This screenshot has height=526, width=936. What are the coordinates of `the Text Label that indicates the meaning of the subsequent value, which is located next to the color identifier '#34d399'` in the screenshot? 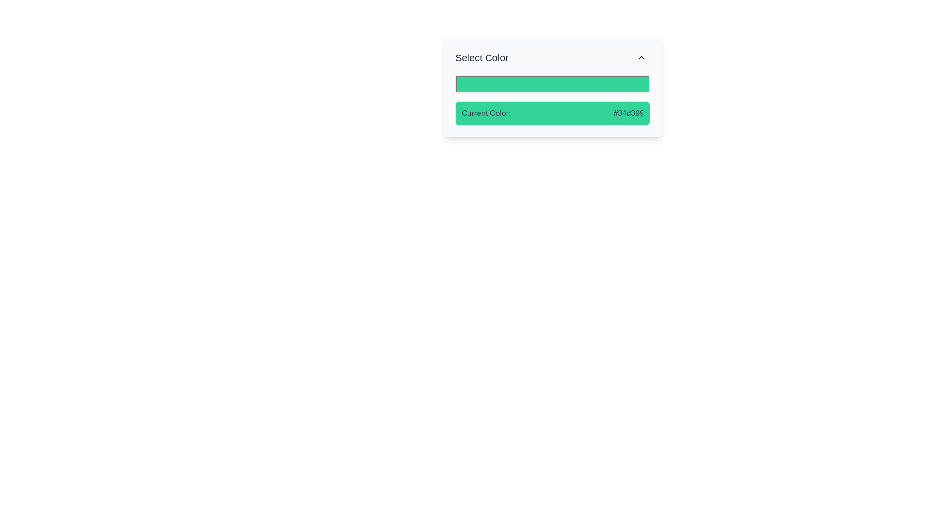 It's located at (486, 113).